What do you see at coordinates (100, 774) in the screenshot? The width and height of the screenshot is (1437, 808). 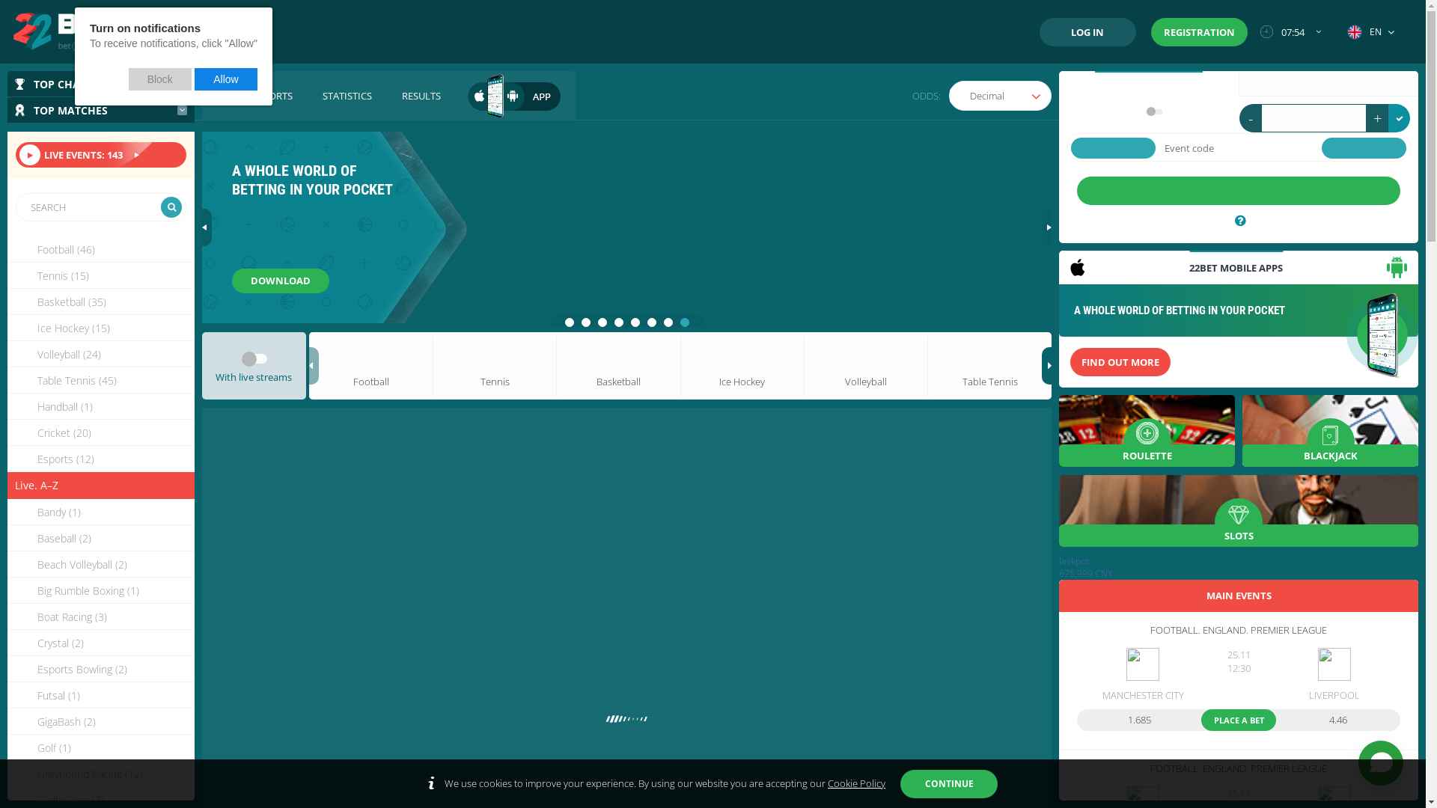 I see `'Greyhound Racing` at bounding box center [100, 774].